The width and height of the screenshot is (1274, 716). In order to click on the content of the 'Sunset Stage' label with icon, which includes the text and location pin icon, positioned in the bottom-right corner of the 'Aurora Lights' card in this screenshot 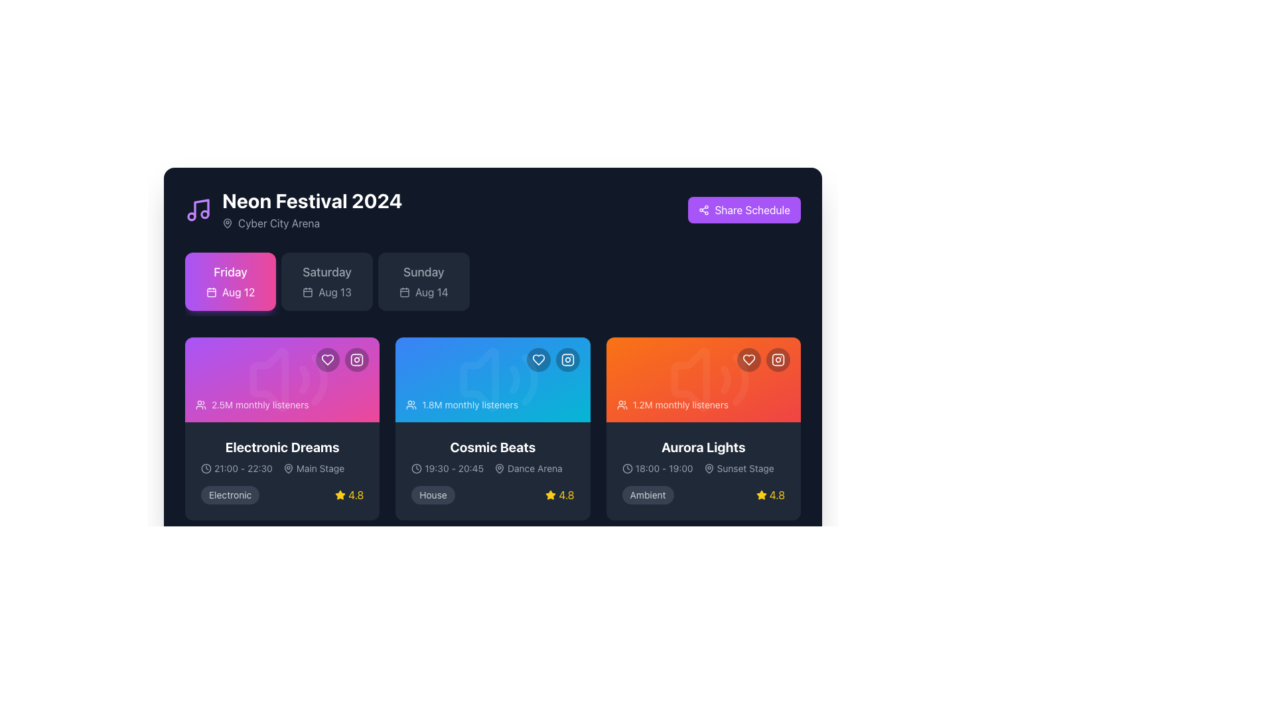, I will do `click(738, 467)`.